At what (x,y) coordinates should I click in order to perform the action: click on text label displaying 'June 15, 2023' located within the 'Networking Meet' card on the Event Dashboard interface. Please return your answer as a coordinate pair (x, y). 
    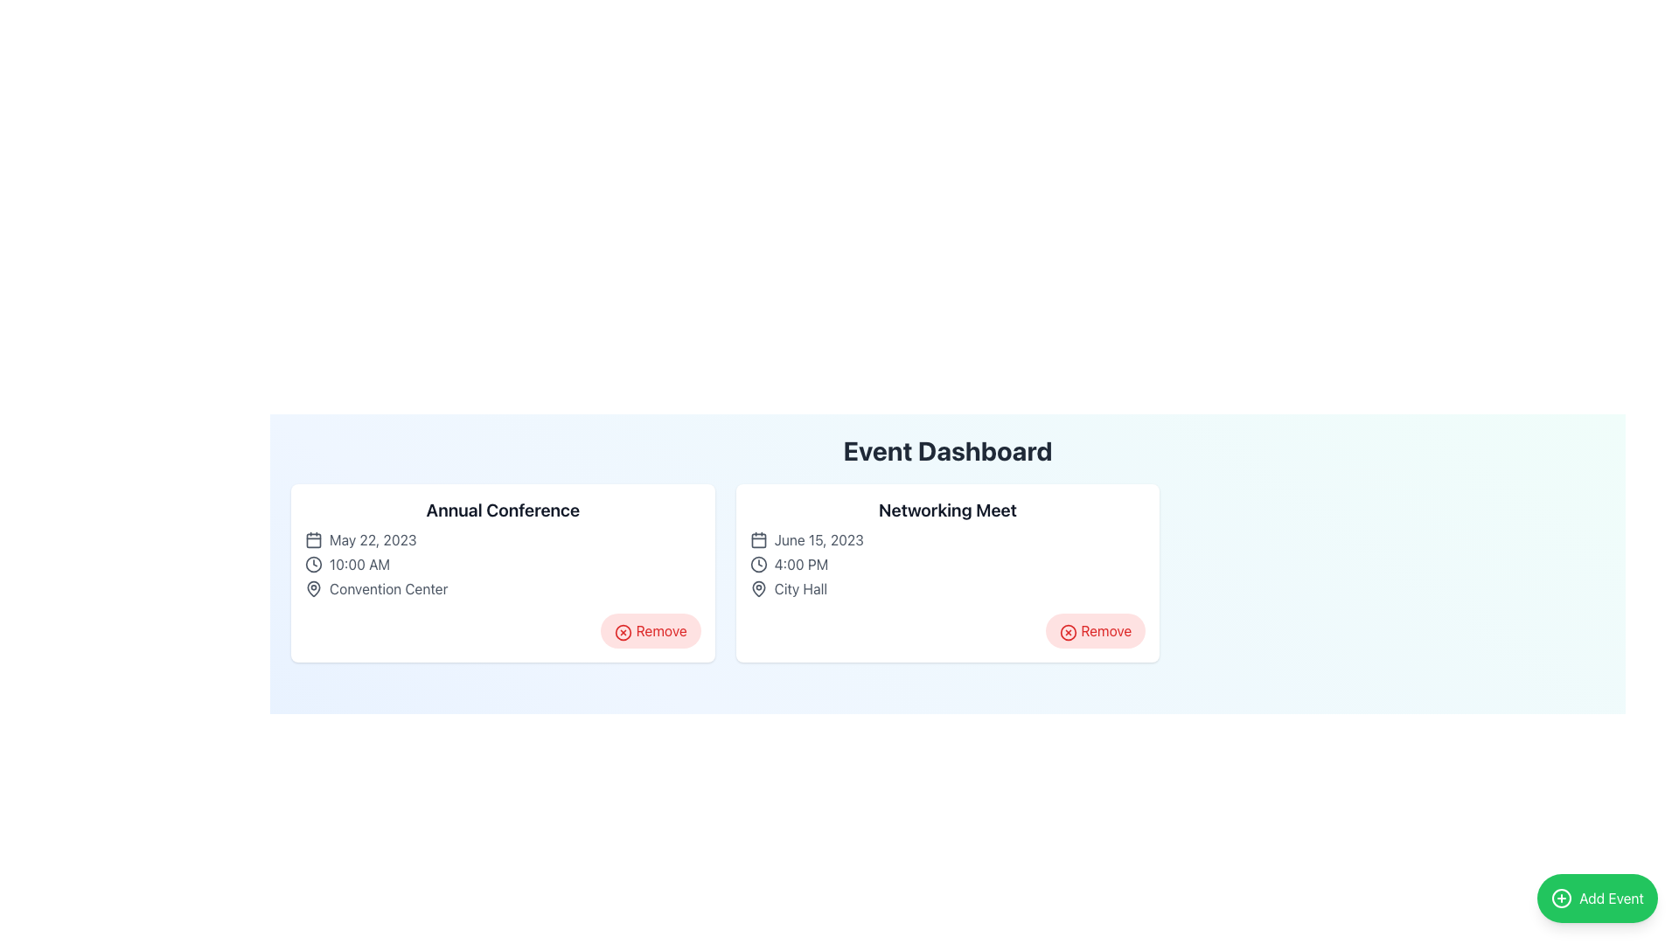
    Looking at the image, I should click on (818, 538).